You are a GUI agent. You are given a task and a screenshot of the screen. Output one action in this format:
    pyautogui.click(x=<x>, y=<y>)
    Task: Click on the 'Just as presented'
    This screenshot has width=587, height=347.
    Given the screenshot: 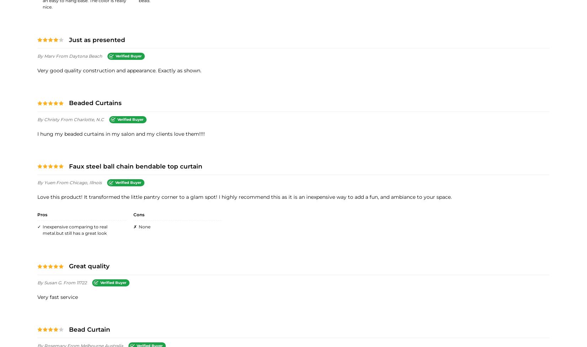 What is the action you would take?
    pyautogui.click(x=97, y=39)
    